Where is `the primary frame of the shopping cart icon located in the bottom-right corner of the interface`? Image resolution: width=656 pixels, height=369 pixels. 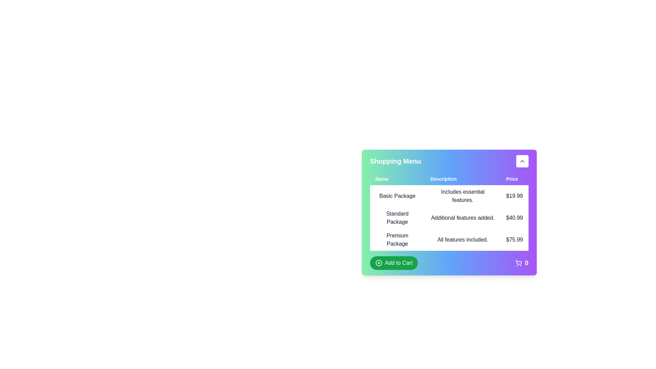 the primary frame of the shopping cart icon located in the bottom-right corner of the interface is located at coordinates (519, 262).